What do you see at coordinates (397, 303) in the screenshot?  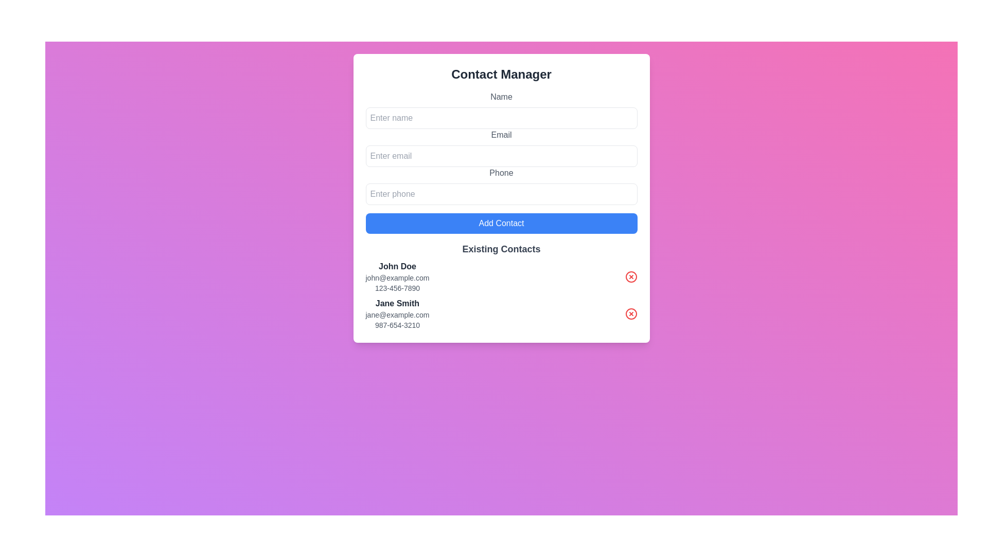 I see `the Static Text element displaying 'Jane Smith' in the 'Existing Contacts' section, which is positioned above the email and phone number of 'John Doe'` at bounding box center [397, 303].